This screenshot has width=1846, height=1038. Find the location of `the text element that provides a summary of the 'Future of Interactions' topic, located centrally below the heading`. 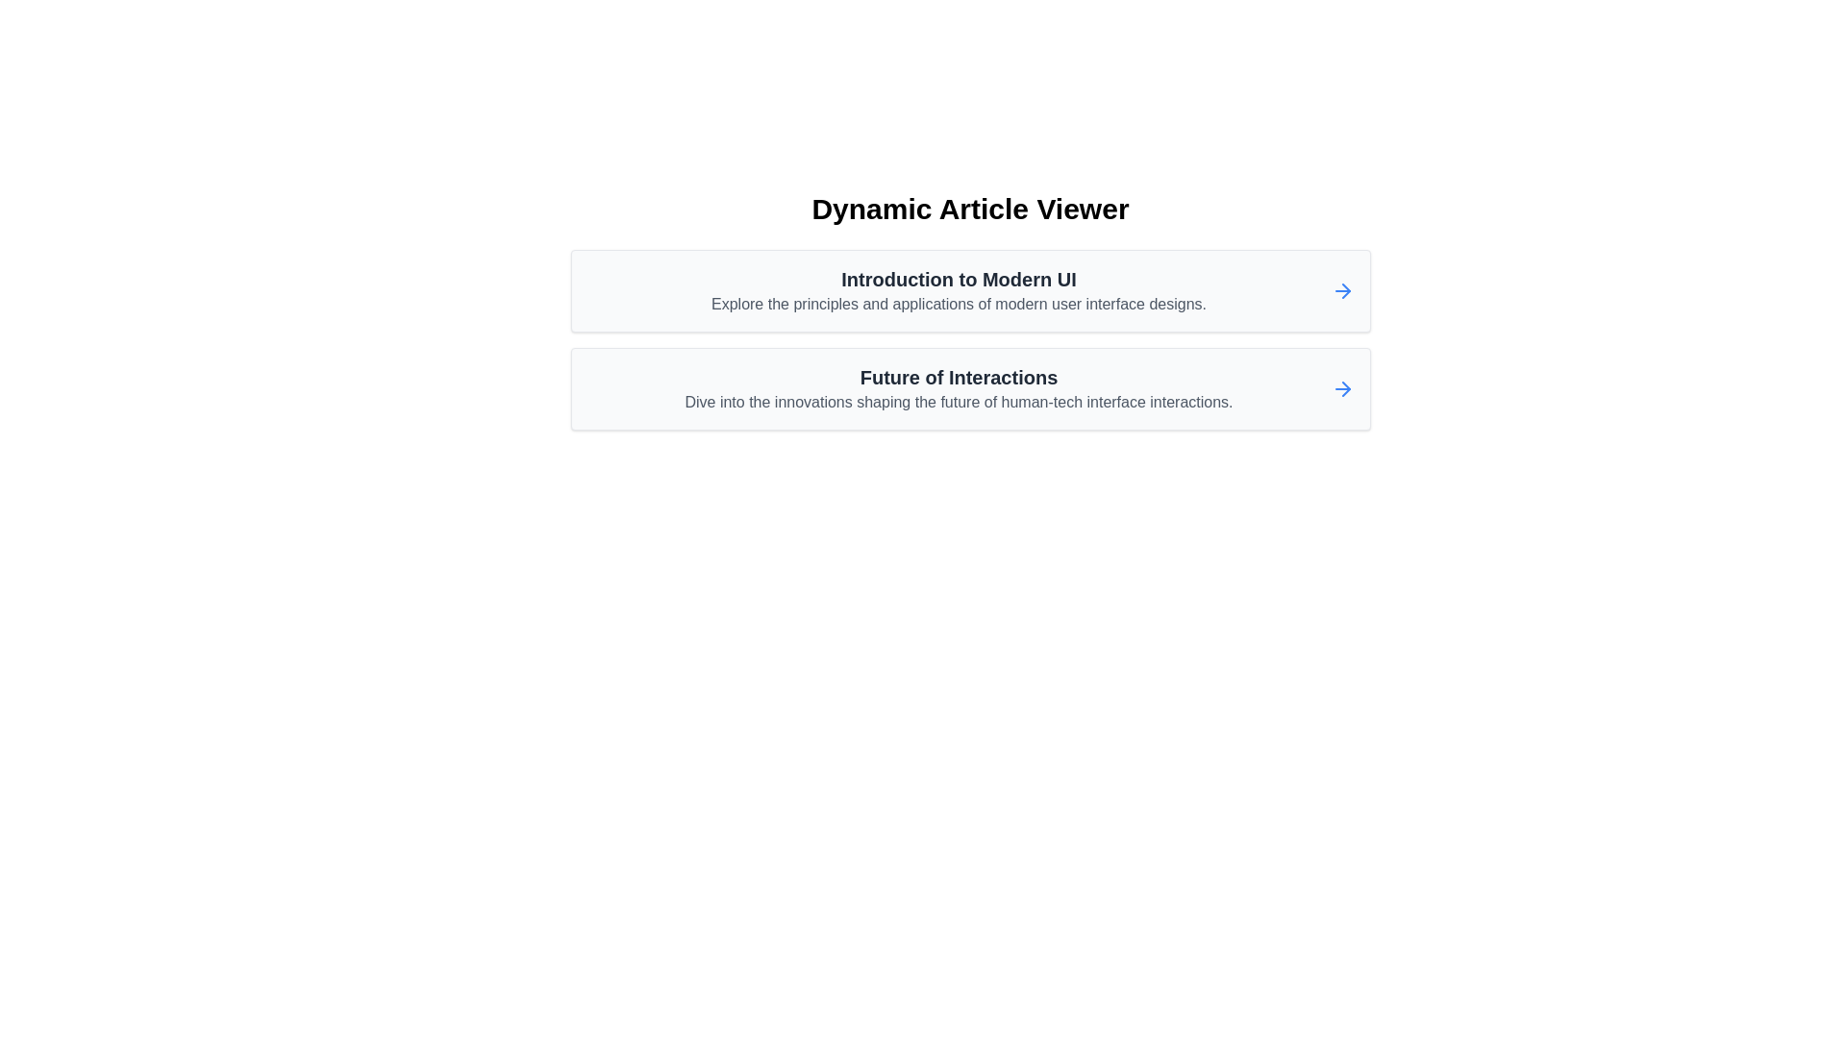

the text element that provides a summary of the 'Future of Interactions' topic, located centrally below the heading is located at coordinates (959, 402).